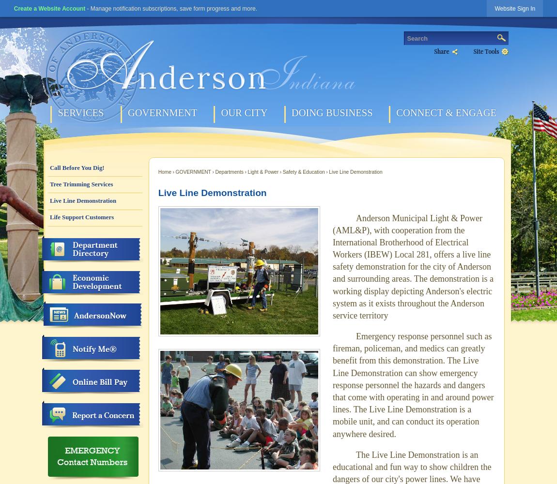 The width and height of the screenshot is (557, 484). Describe the element at coordinates (86, 9) in the screenshot. I see `'- Manage notification subscriptions, save form progress and more.'` at that location.